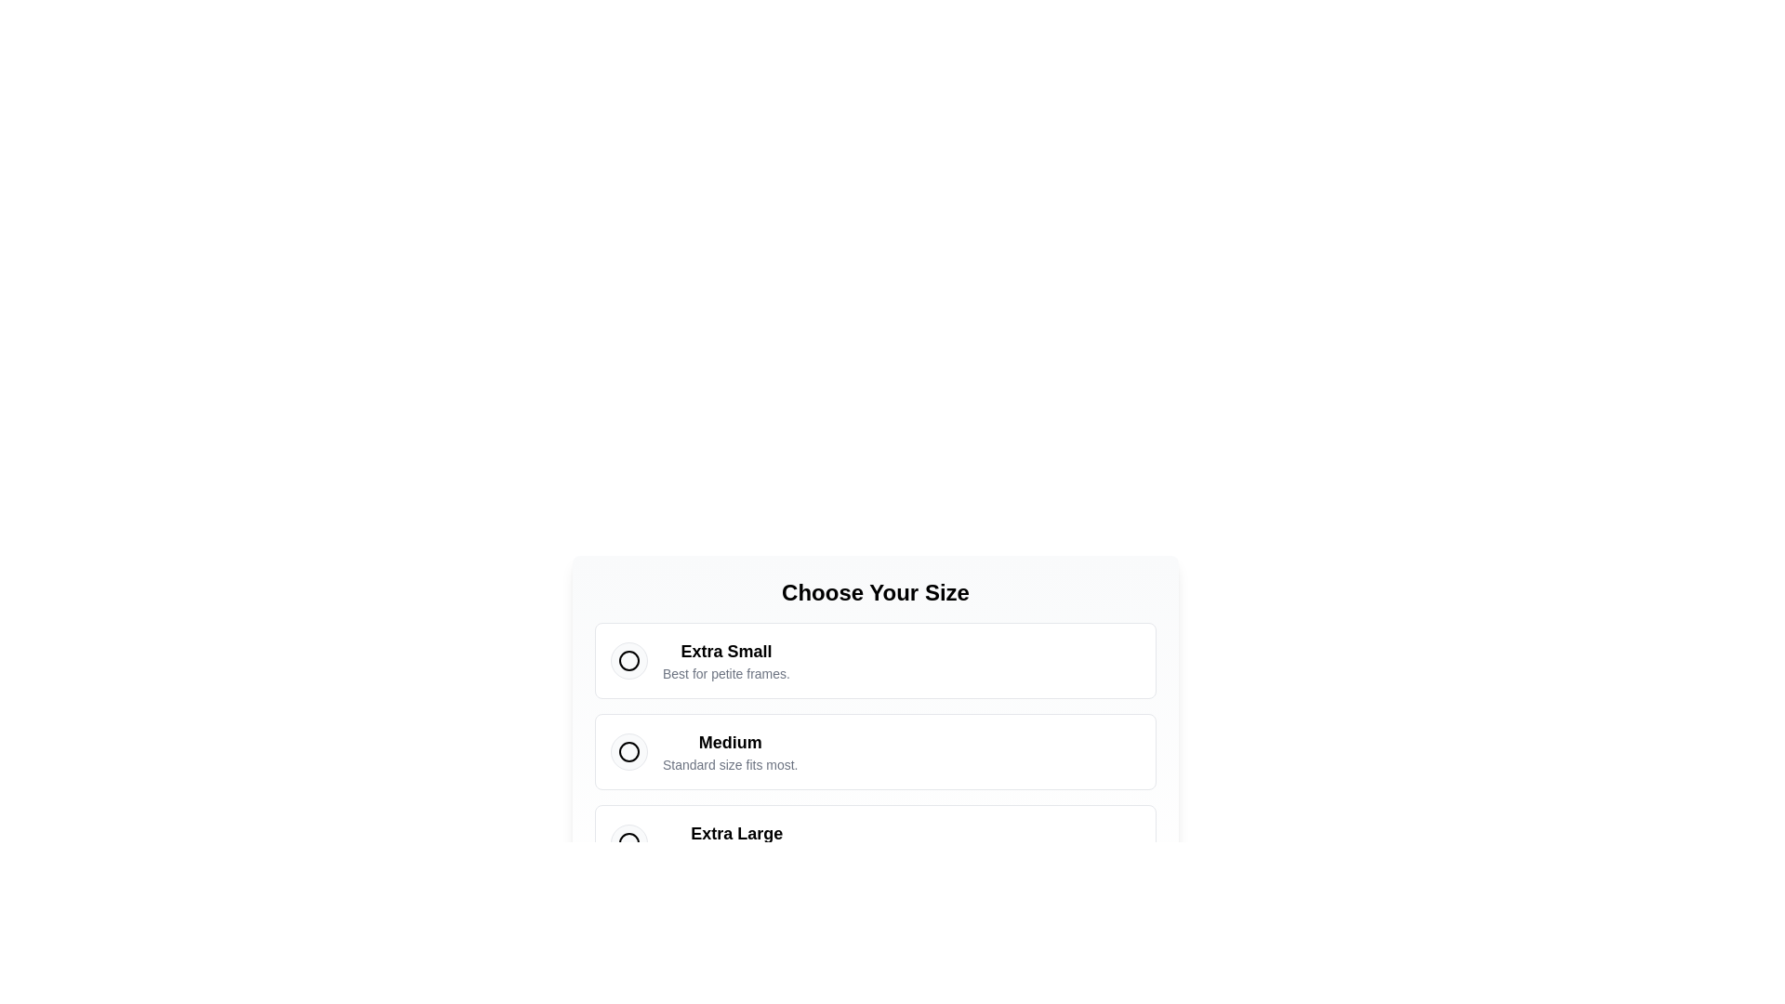  I want to click on the radio button indicator for the 'Medium' size option in the selection list under 'Choose Your Size', so click(628, 751).